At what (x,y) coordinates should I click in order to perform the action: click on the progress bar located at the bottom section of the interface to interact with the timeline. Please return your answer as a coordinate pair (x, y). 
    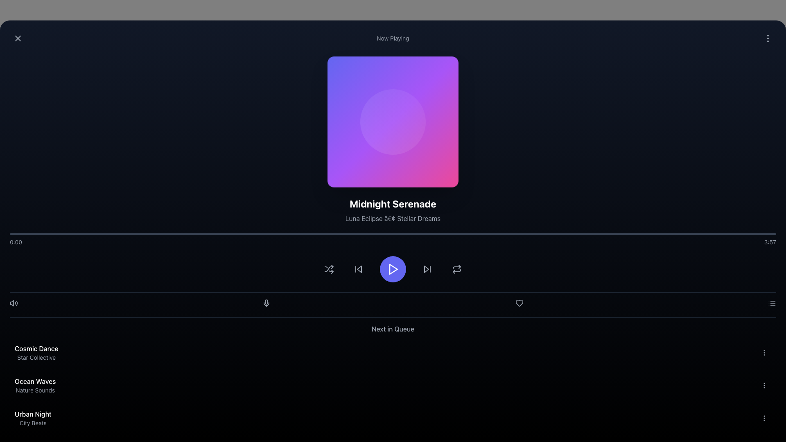
    Looking at the image, I should click on (393, 234).